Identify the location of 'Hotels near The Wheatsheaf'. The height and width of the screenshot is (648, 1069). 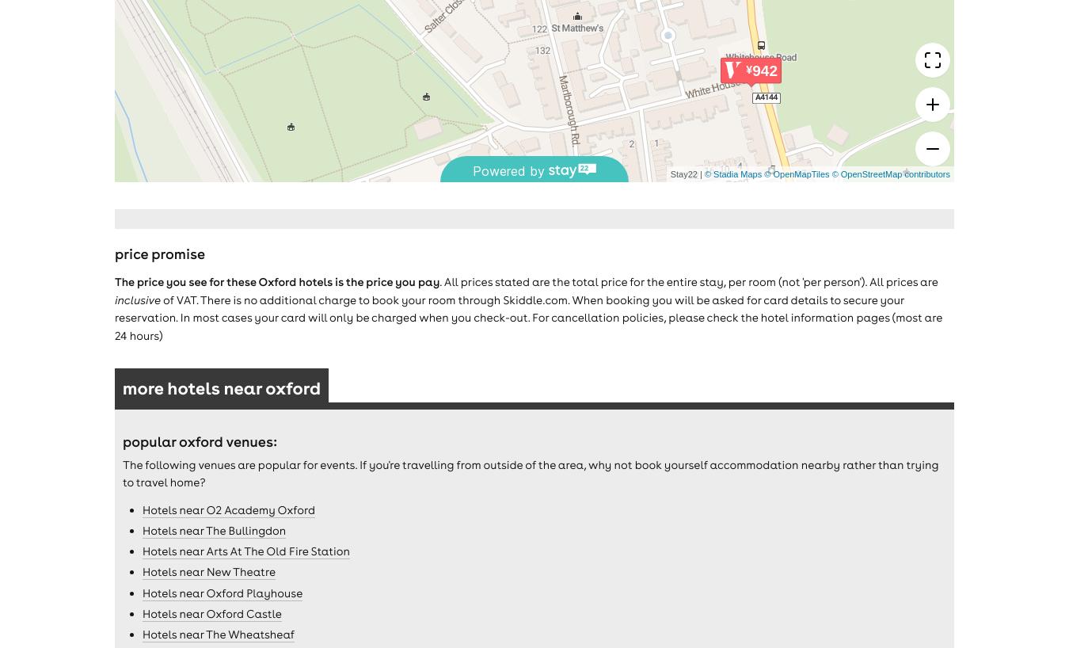
(217, 634).